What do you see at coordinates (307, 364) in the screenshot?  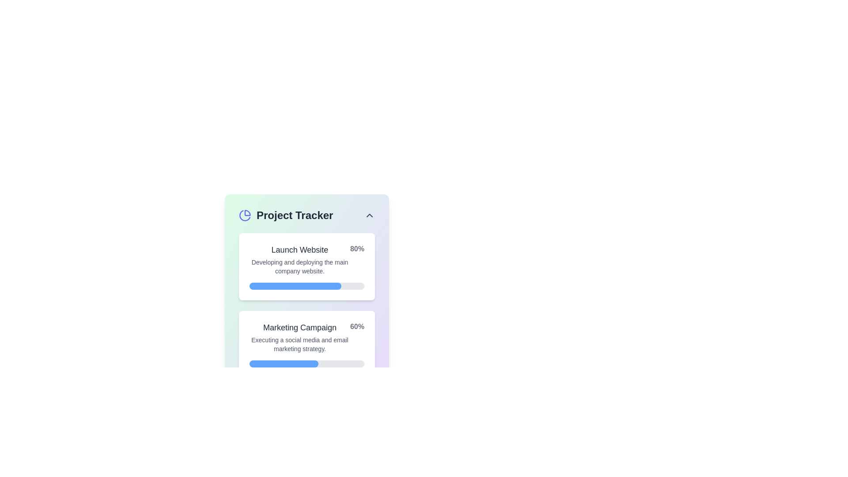 I see `the progress bar located at the bottom of the 'Marketing Campaign' card, which visually represents a completion progress of 60%` at bounding box center [307, 364].